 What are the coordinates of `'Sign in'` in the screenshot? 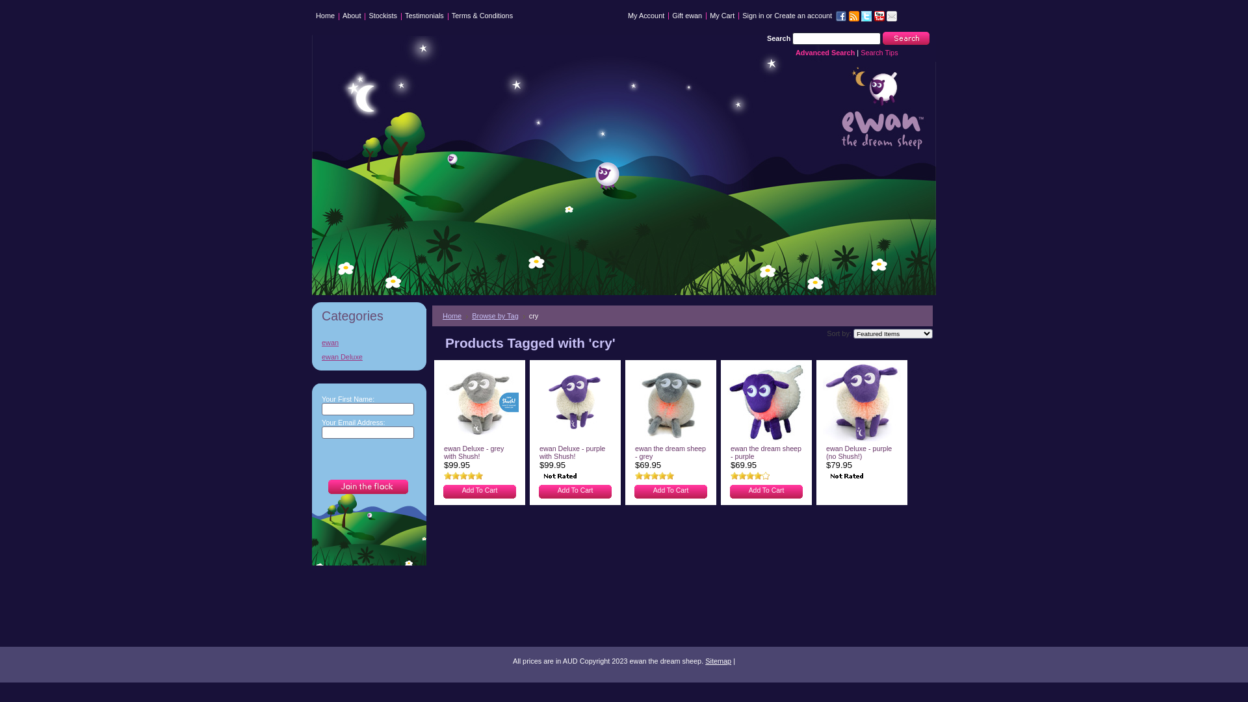 It's located at (753, 15).